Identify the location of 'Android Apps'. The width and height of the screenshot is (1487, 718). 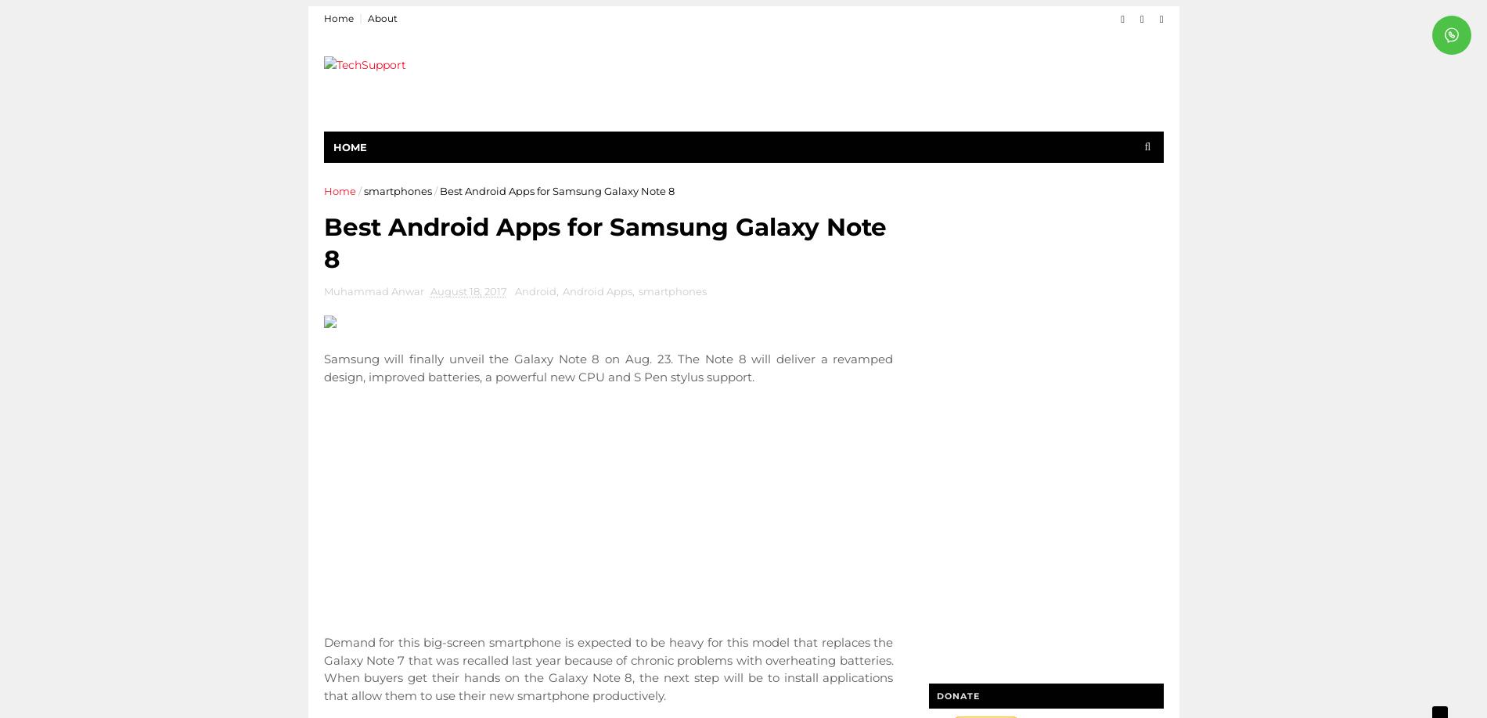
(596, 290).